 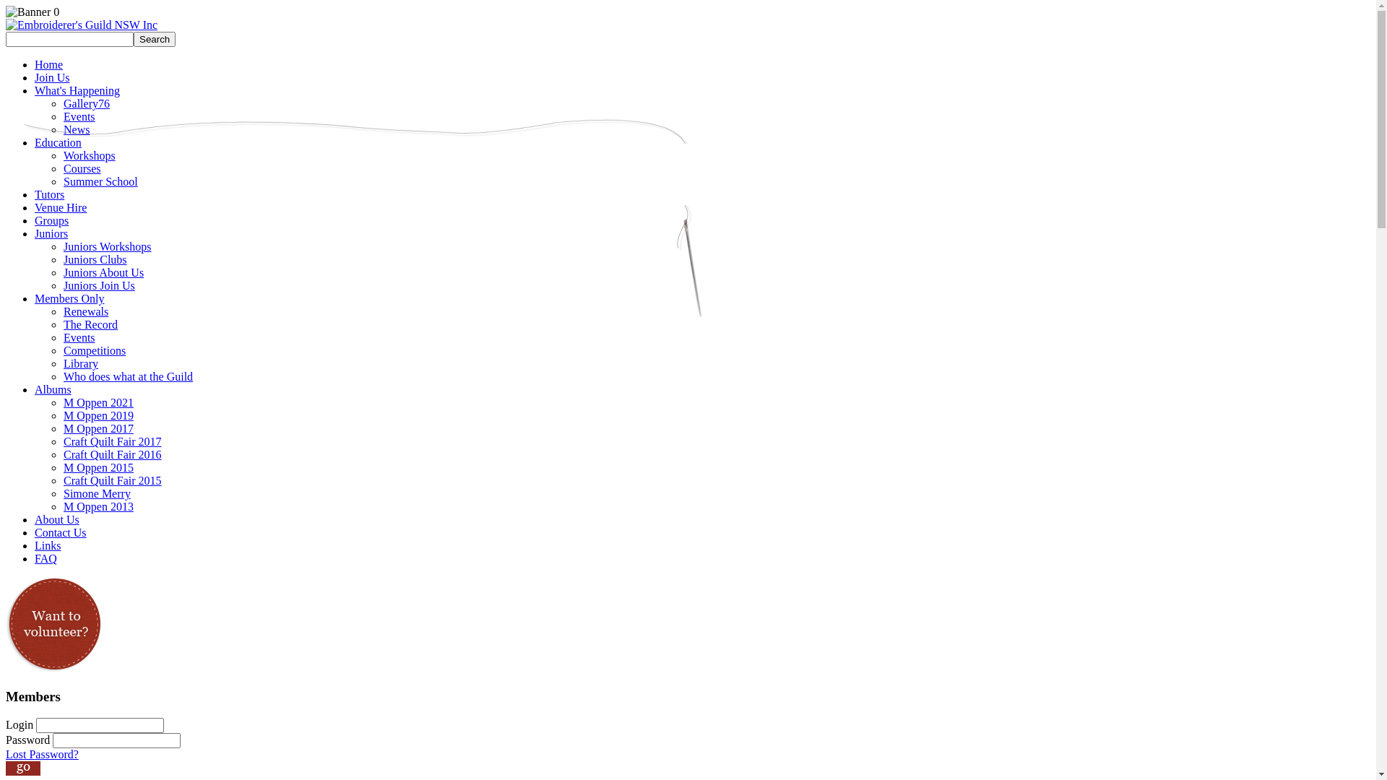 I want to click on 'FAQ', so click(x=35, y=558).